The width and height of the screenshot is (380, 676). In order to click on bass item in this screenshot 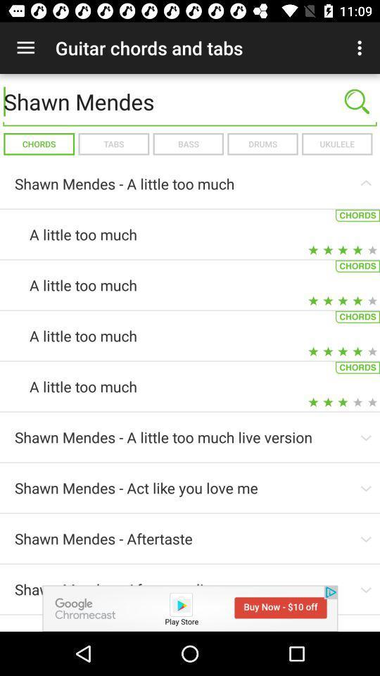, I will do `click(188, 144)`.